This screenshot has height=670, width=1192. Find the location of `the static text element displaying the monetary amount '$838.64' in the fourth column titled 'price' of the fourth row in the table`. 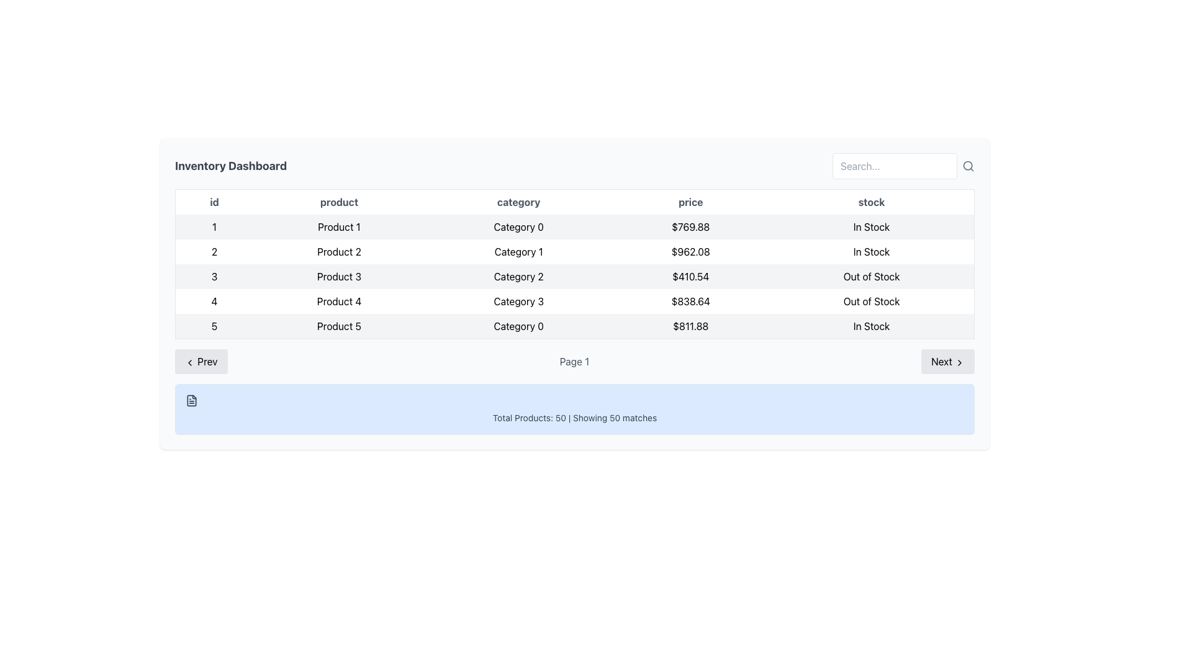

the static text element displaying the monetary amount '$838.64' in the fourth column titled 'price' of the fourth row in the table is located at coordinates (690, 301).